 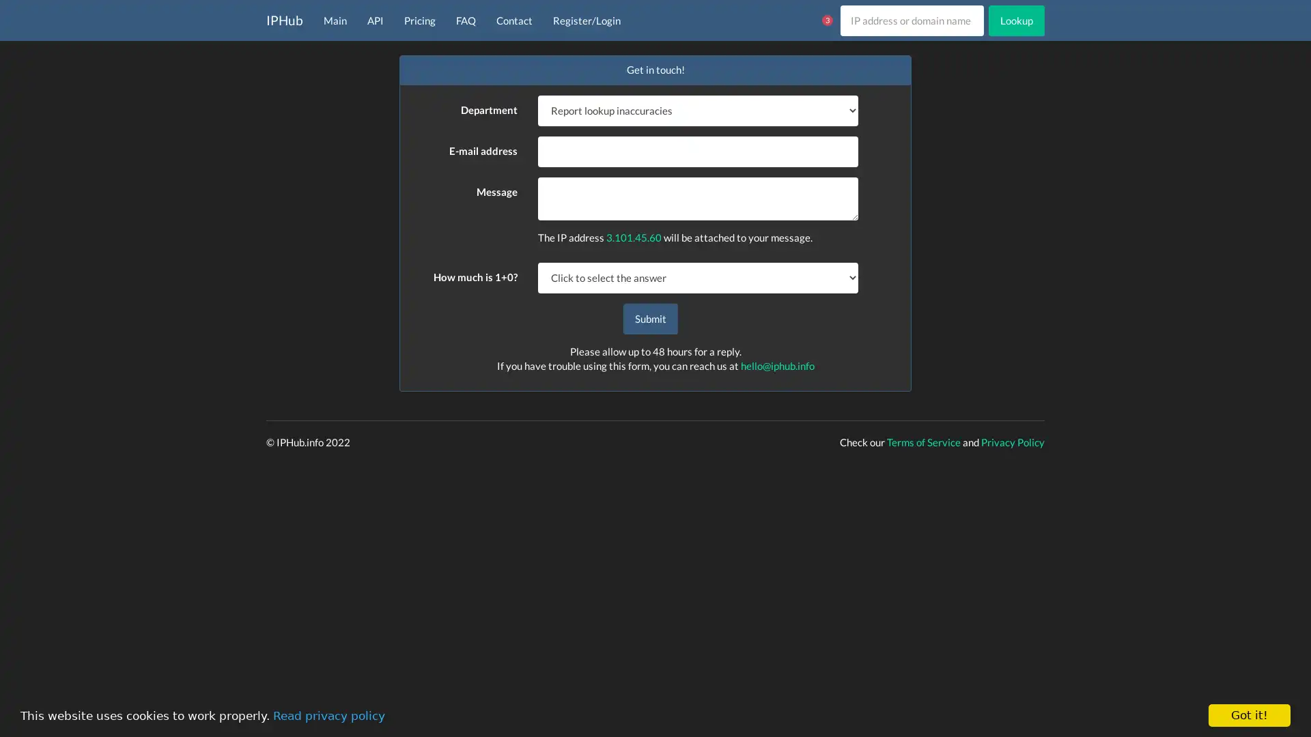 I want to click on Lookup, so click(x=1016, y=20).